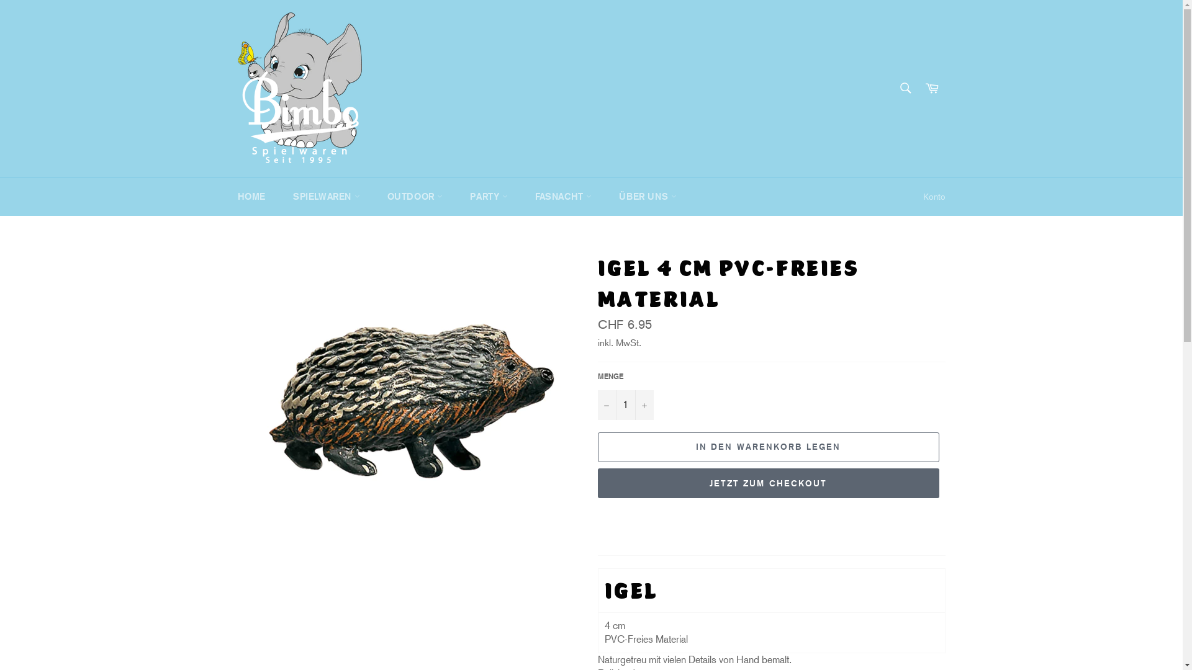 Image resolution: width=1192 pixels, height=670 pixels. I want to click on 'HOME', so click(250, 196).